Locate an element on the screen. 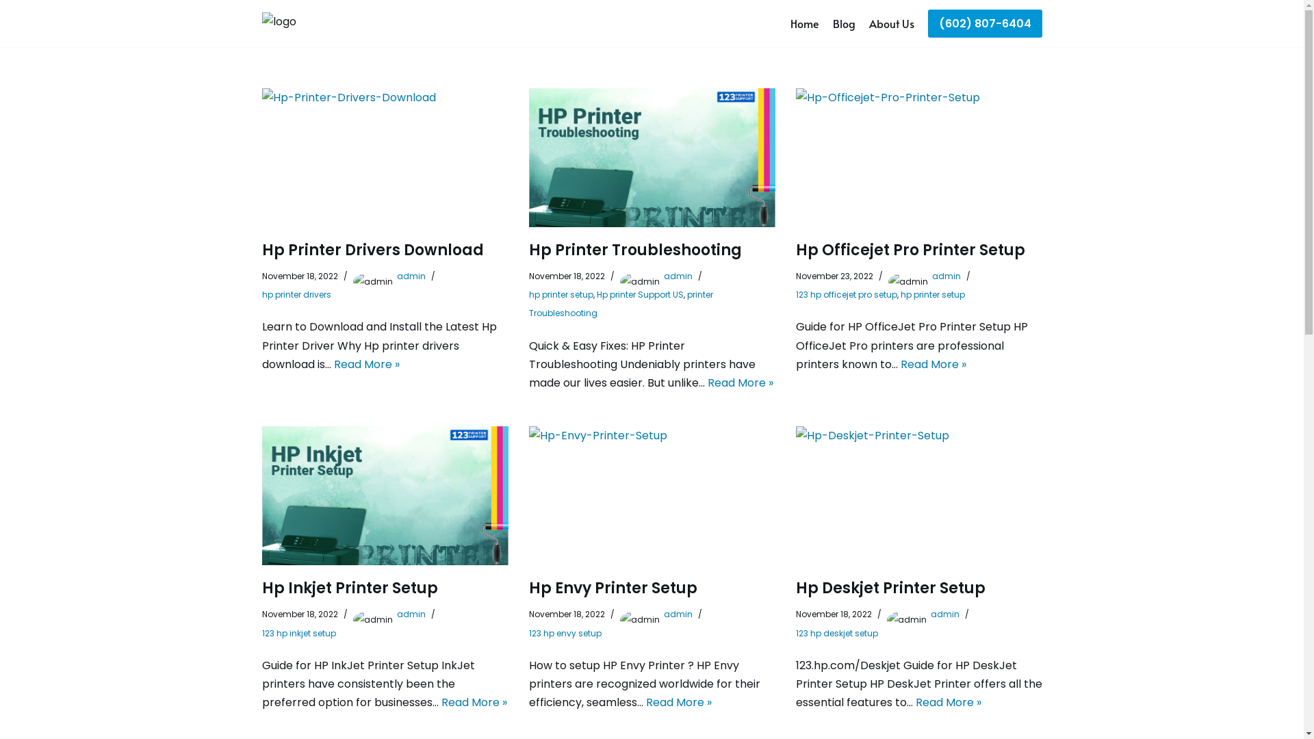 The width and height of the screenshot is (1314, 739). '123 hp officejet pro setup' is located at coordinates (845, 294).